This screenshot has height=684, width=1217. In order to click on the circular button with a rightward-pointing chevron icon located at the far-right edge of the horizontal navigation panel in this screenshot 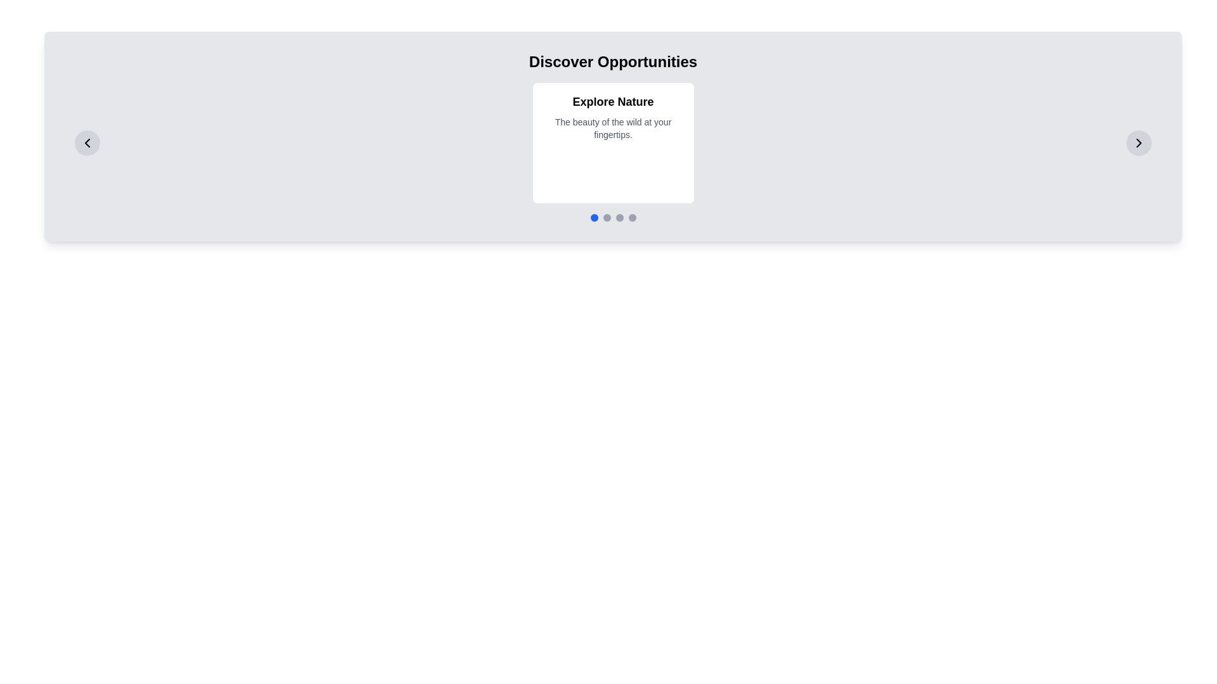, I will do `click(1138, 142)`.